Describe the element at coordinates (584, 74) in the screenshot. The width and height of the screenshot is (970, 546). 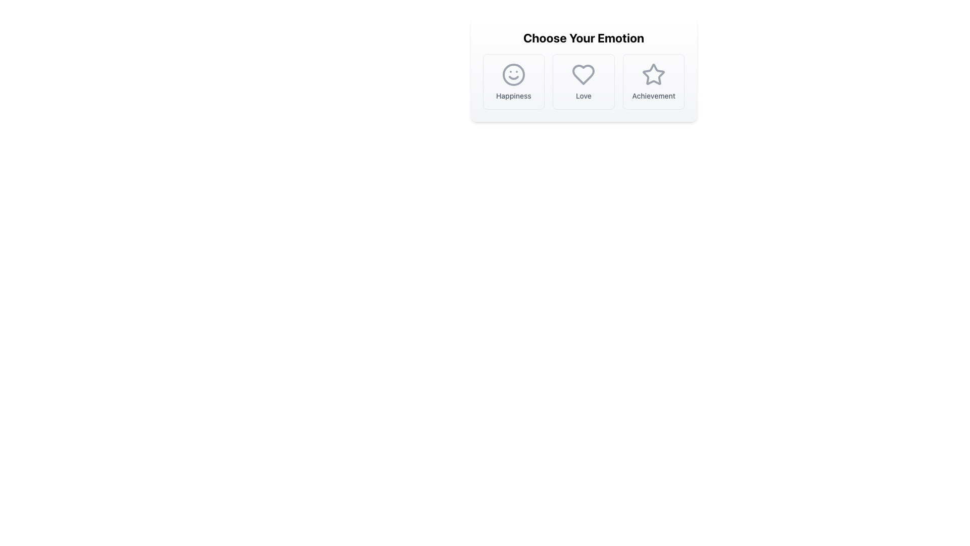
I see `the heart icon located centrally in the 'Choose Your Emotion' section` at that location.